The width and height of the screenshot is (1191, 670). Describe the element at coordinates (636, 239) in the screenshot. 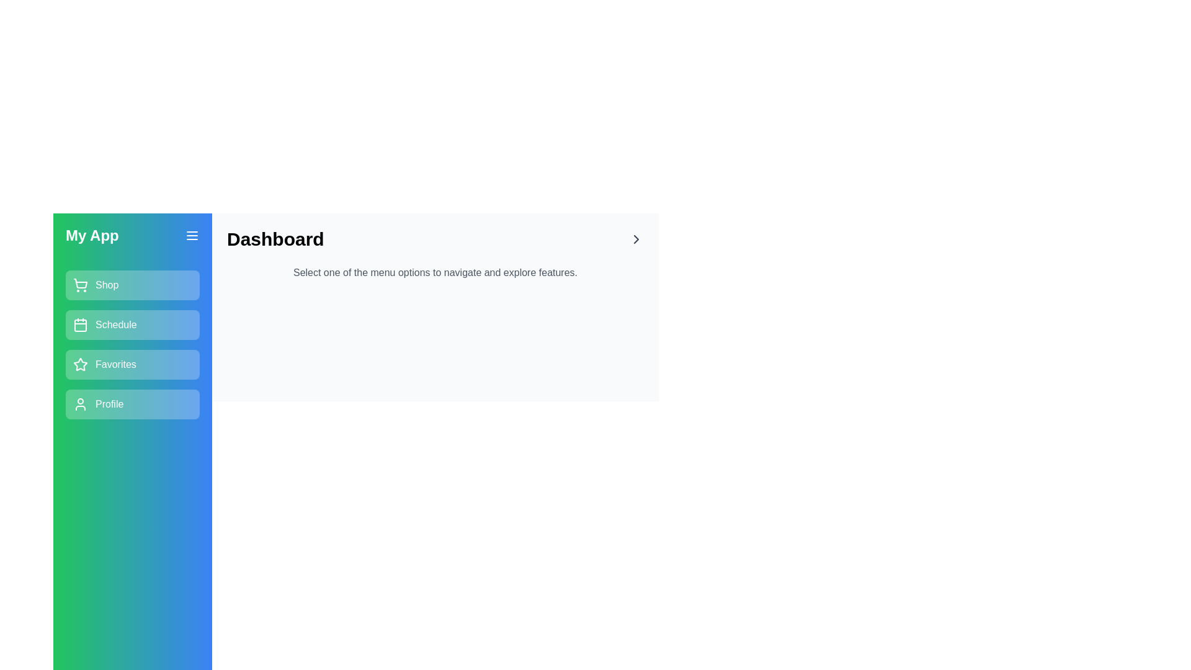

I see `the ChevronRight icon to interact with the dashboard content` at that location.